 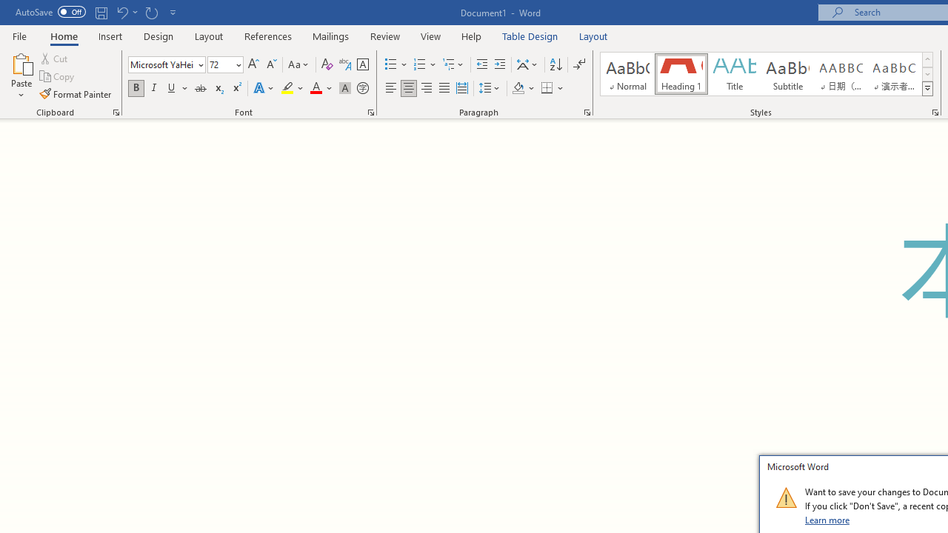 I want to click on 'Learn more', so click(x=827, y=519).